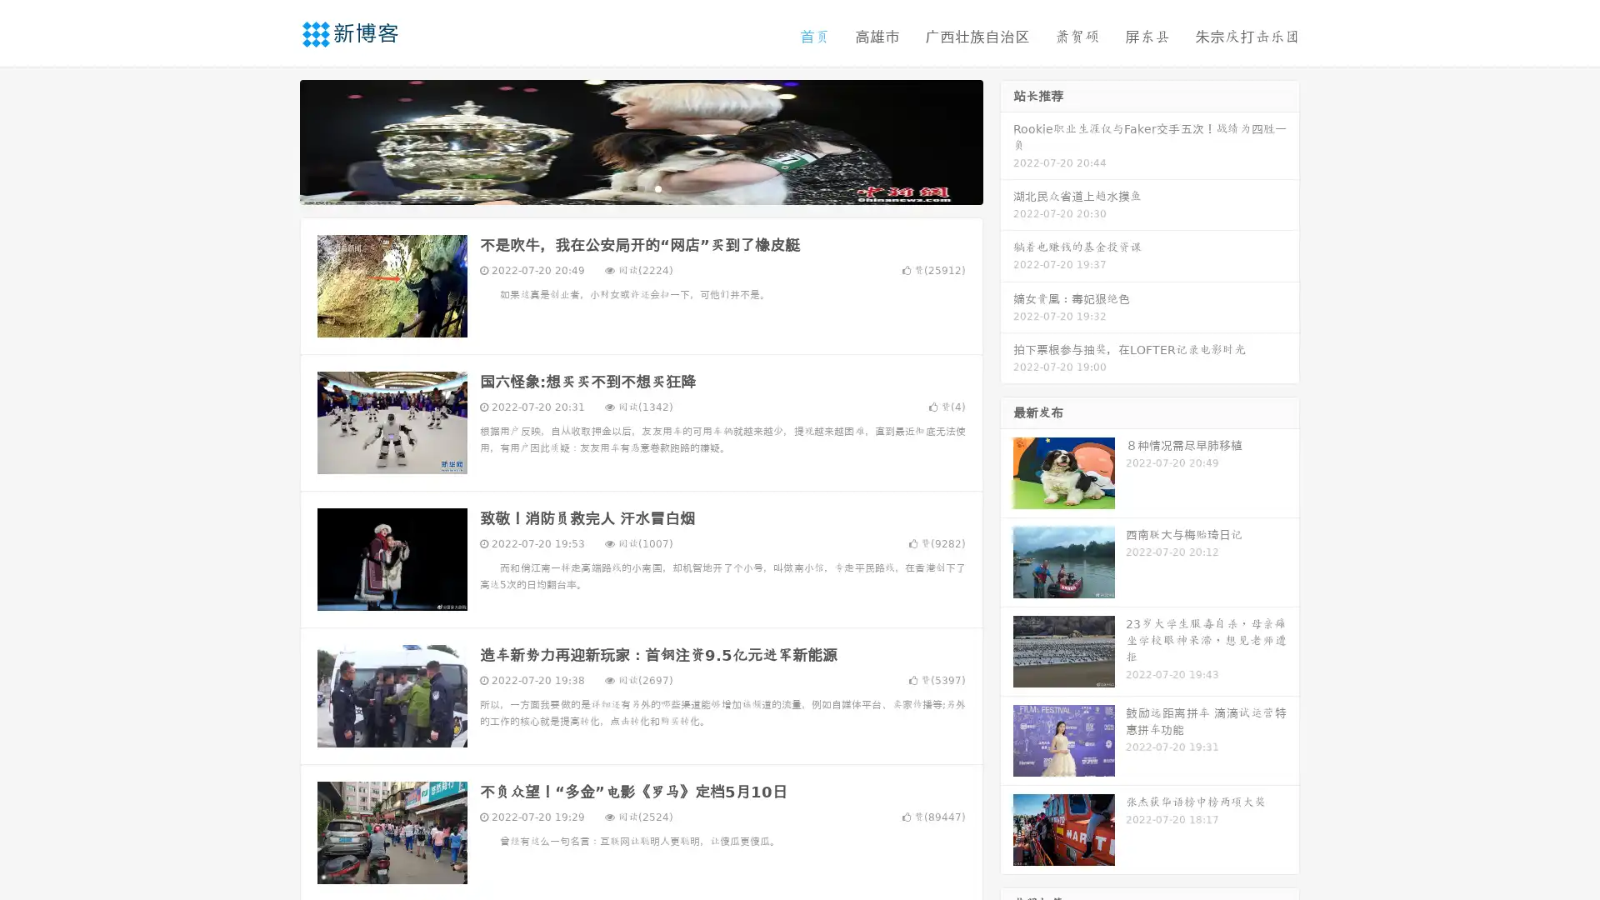  I want to click on Go to slide 2, so click(640, 187).